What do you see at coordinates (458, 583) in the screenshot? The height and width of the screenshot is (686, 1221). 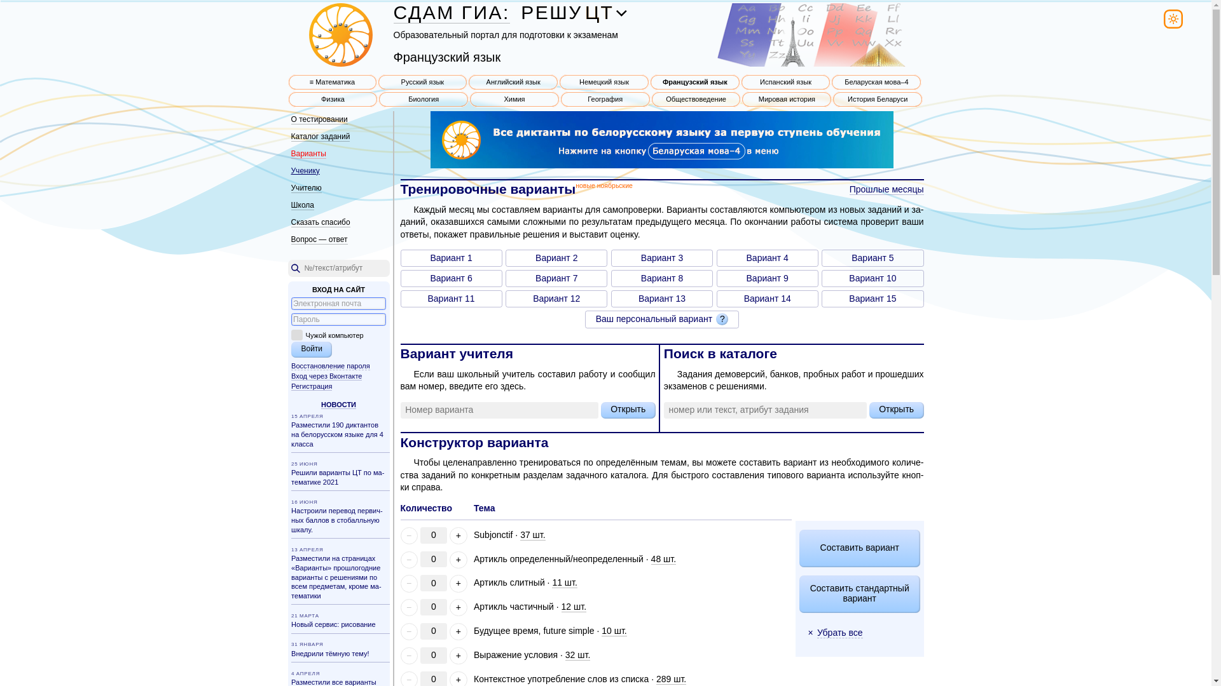 I see `'+'` at bounding box center [458, 583].